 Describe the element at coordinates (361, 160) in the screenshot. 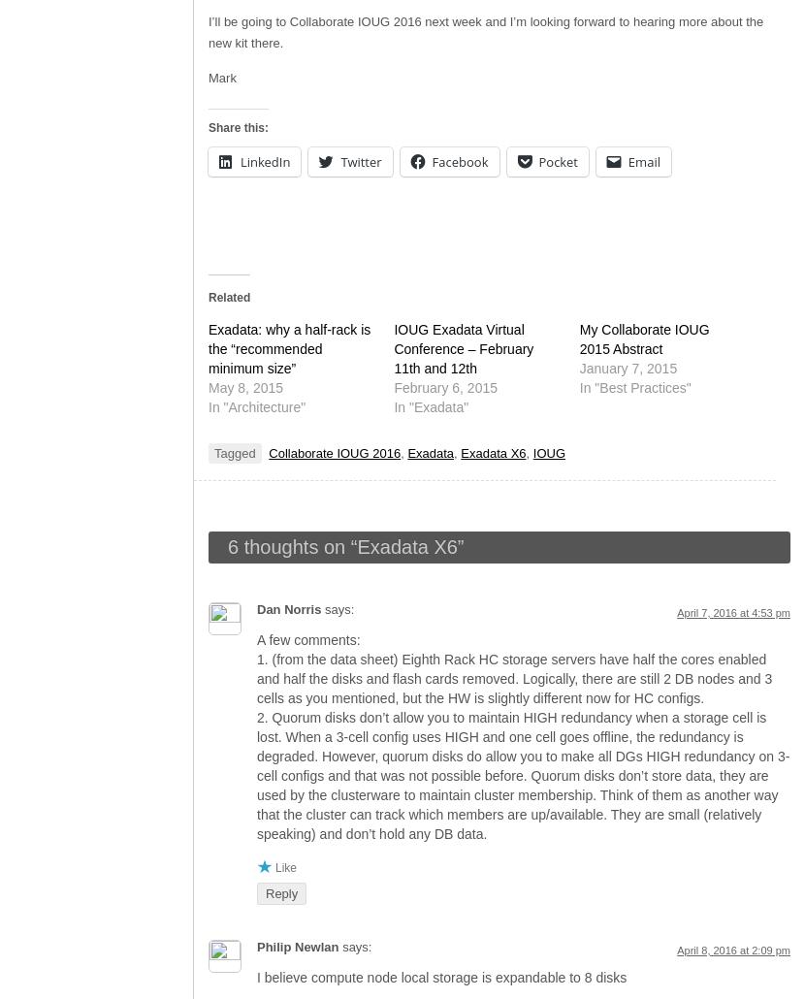

I see `'Twitter'` at that location.